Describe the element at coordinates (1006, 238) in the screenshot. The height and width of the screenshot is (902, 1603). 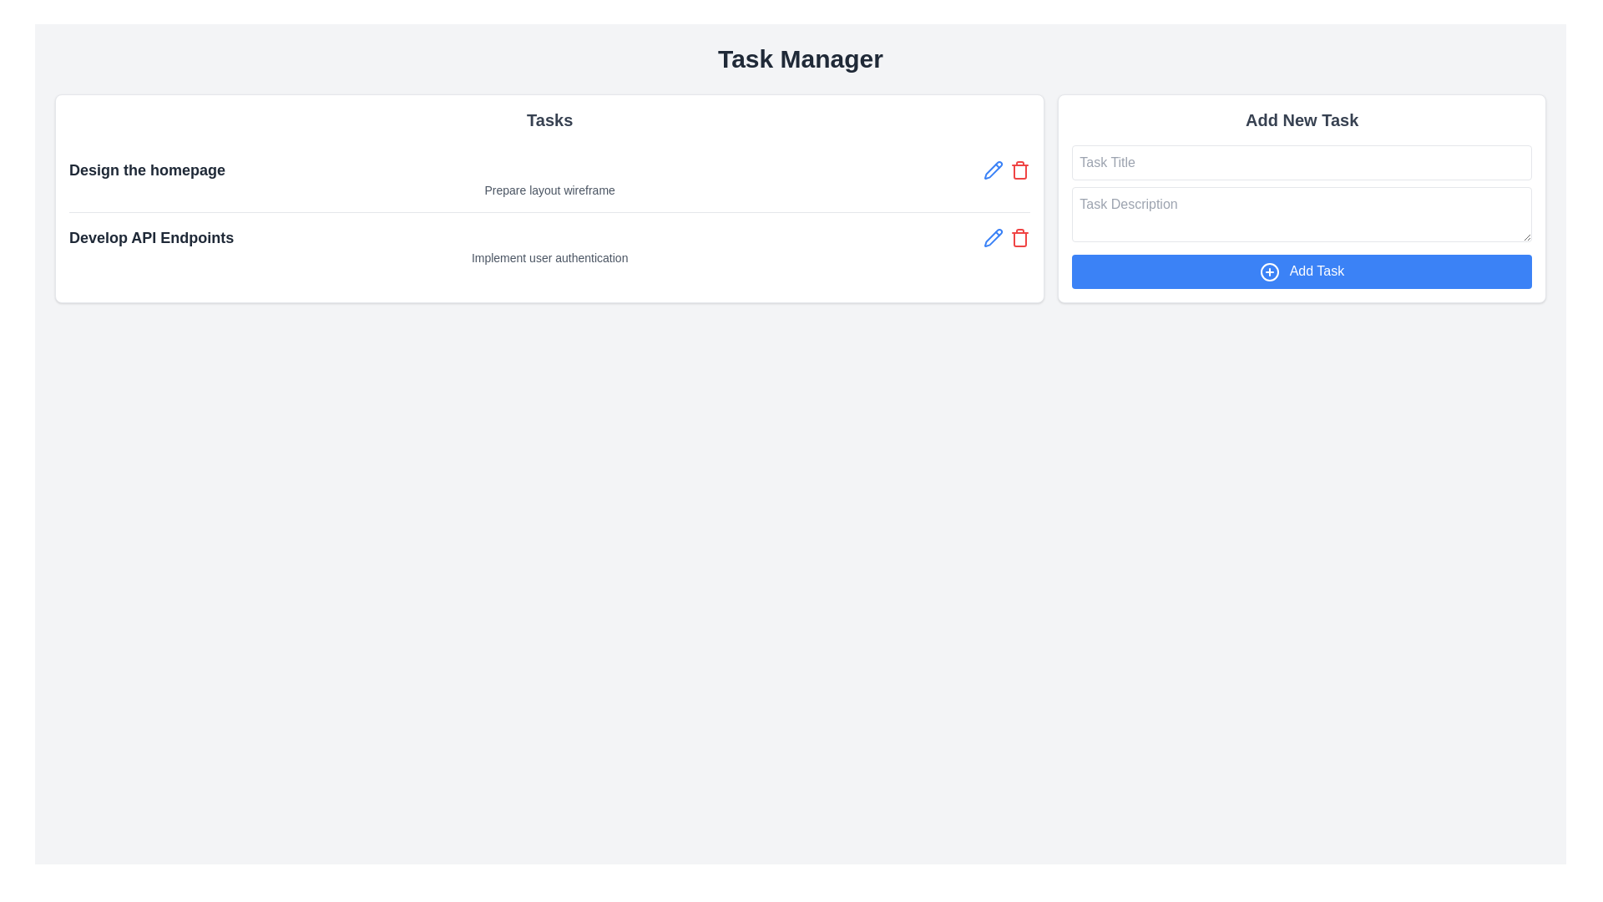
I see `the delete button for the 'Develop API Endpoints' task entry` at that location.